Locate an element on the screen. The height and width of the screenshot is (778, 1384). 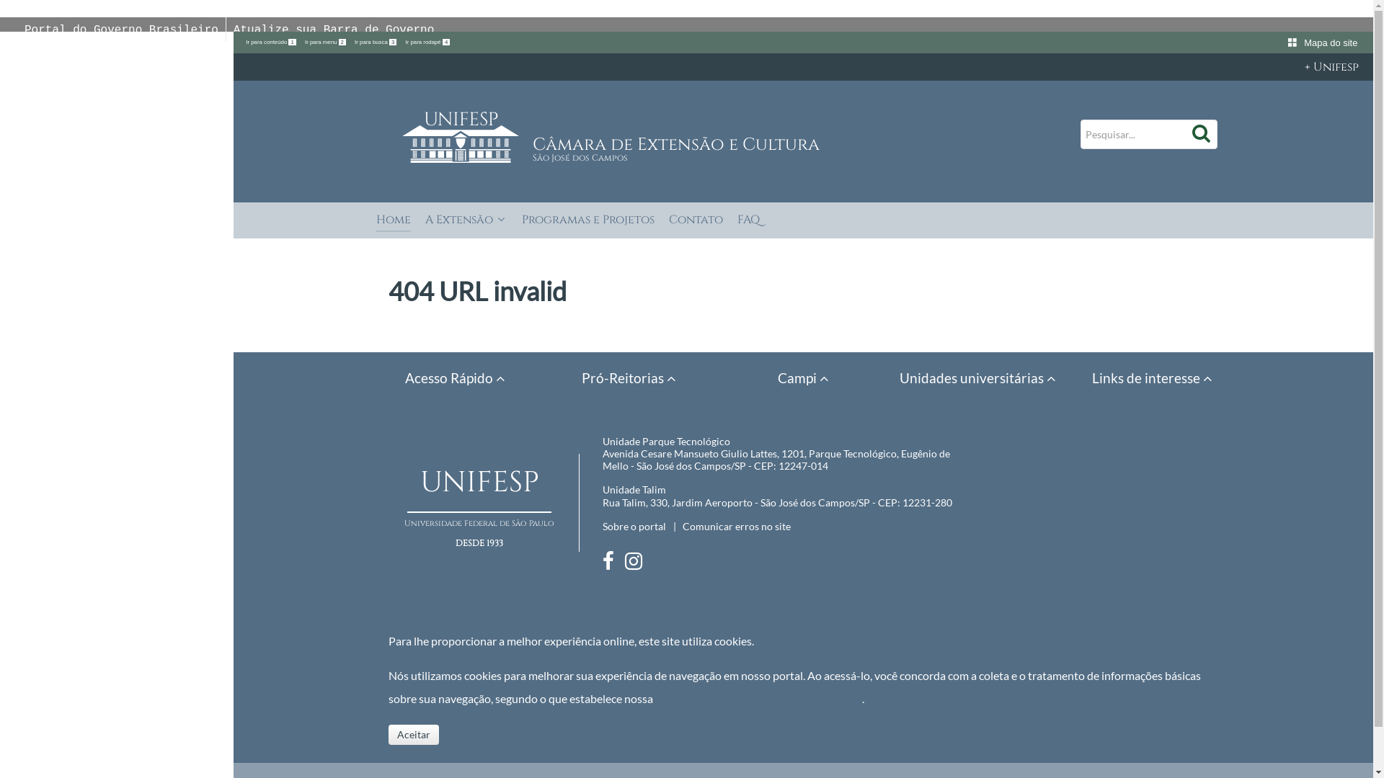
'Atualize sua Barra de Governo' is located at coordinates (234, 30).